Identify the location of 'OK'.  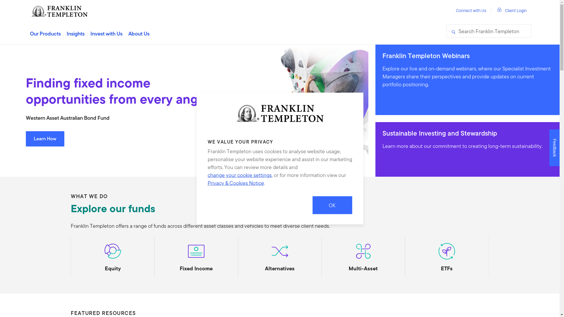
(332, 205).